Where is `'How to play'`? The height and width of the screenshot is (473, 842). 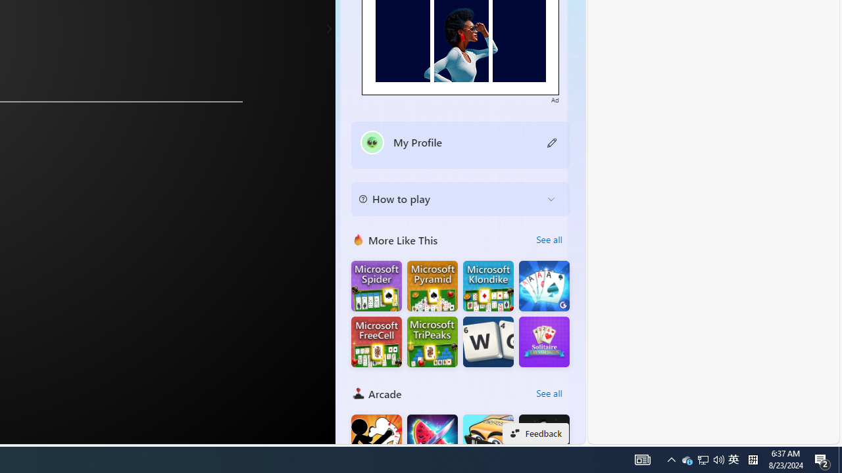
'How to play' is located at coordinates (450, 199).